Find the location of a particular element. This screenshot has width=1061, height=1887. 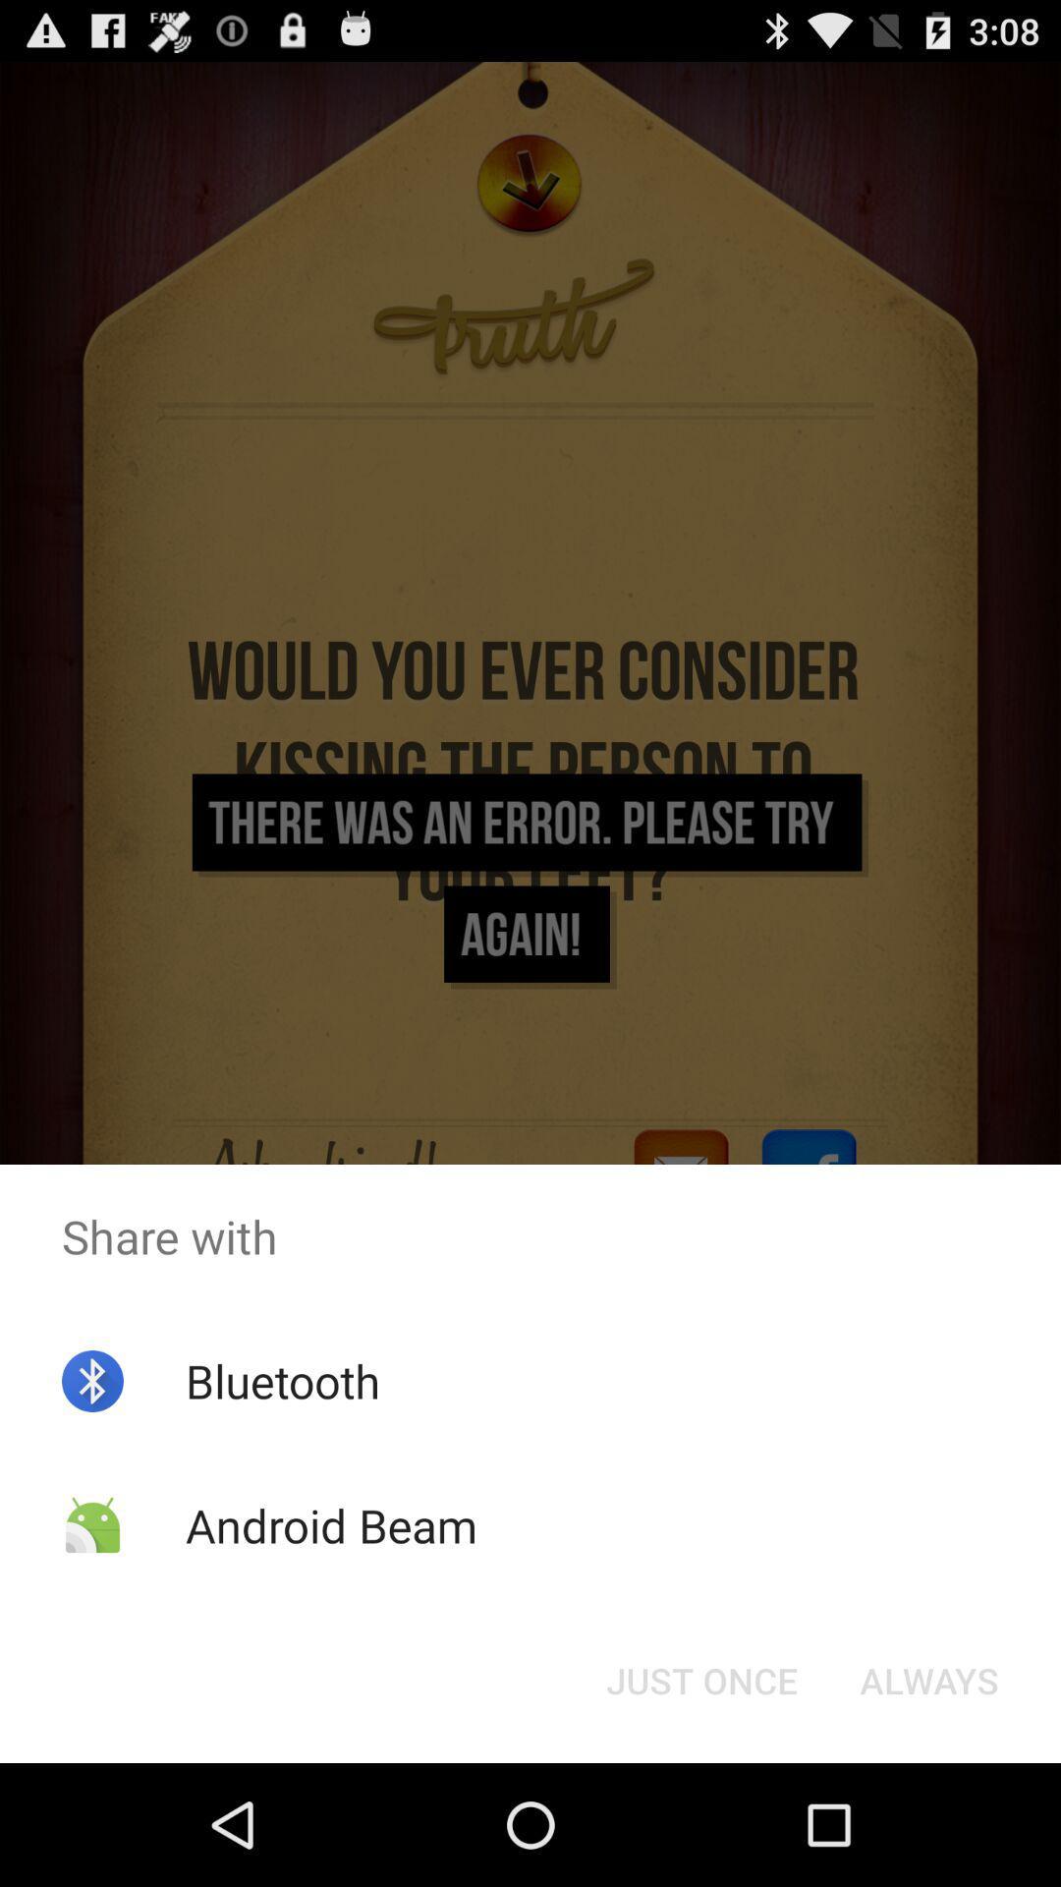

the always button is located at coordinates (928, 1679).